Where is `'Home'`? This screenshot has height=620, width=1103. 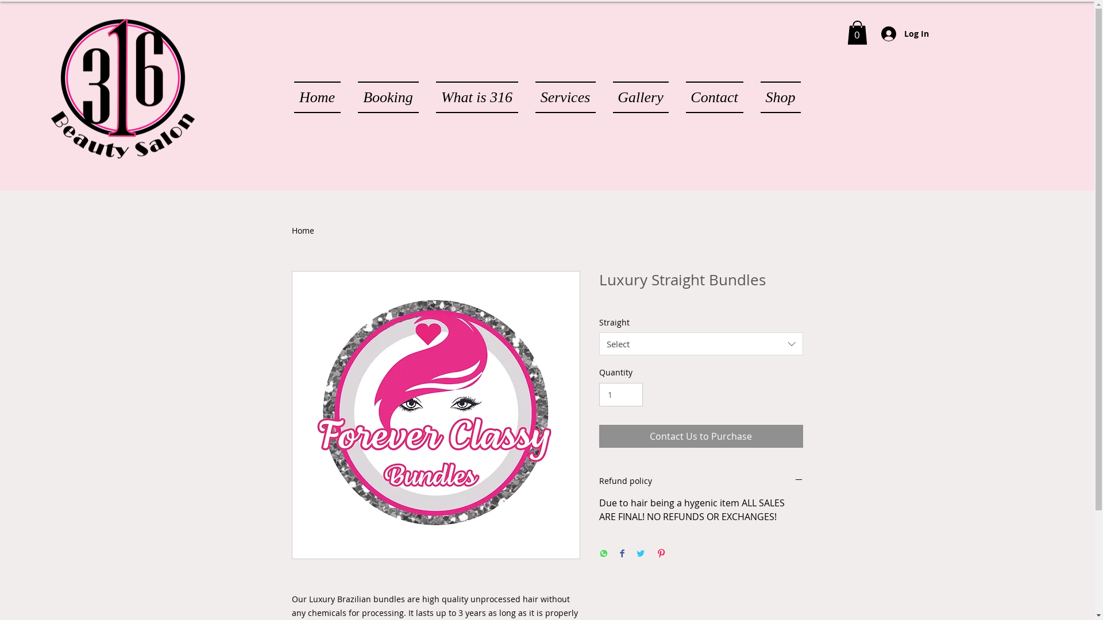
'Home' is located at coordinates (303, 230).